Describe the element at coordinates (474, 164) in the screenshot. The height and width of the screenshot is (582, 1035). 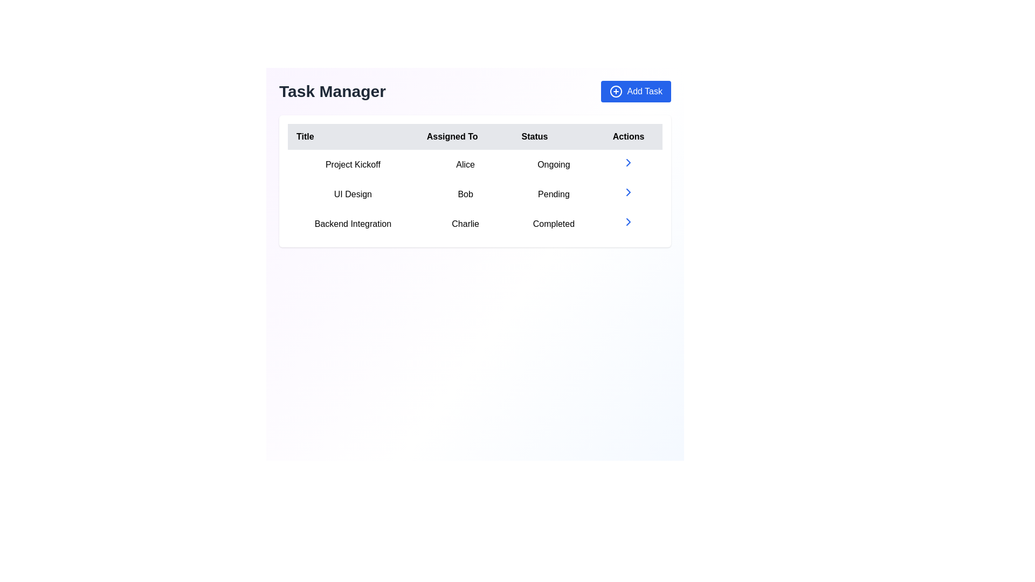
I see `the first row of the task table, which displays the task's title, assigned person, and current status` at that location.